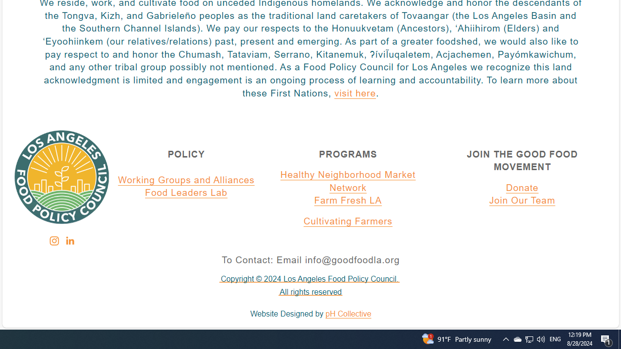 The image size is (621, 349). Describe the element at coordinates (53, 240) in the screenshot. I see `'Instagram'` at that location.